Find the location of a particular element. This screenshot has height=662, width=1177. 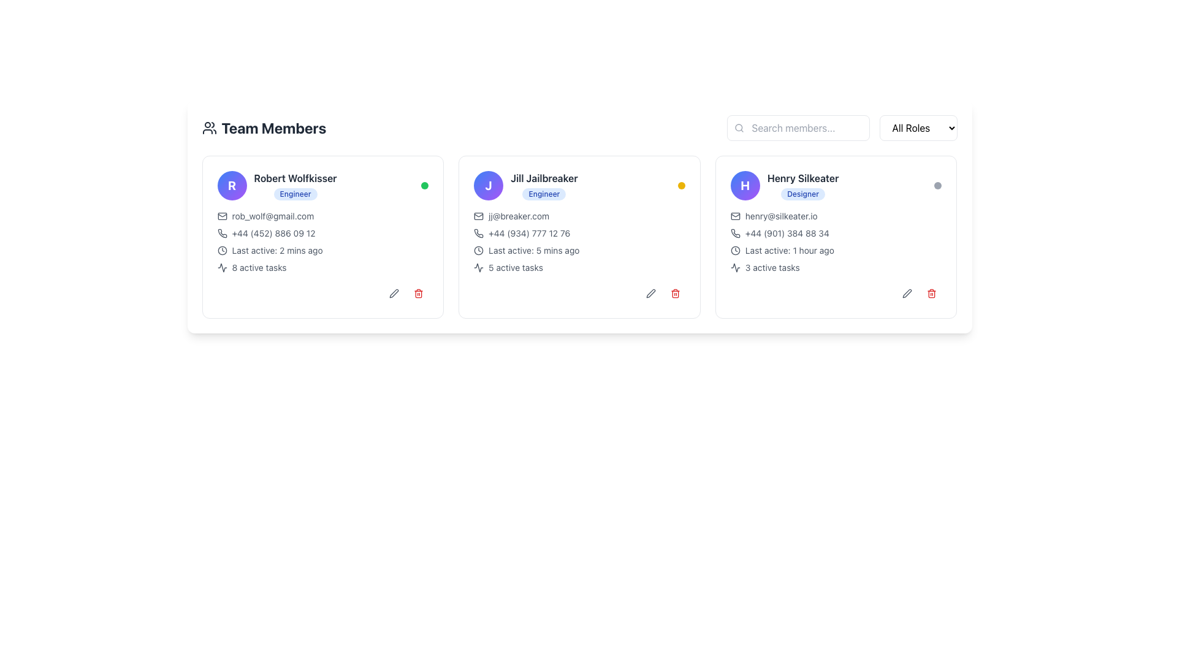

the text label displaying '5 active tasks' located at the bottom of the card layout for 'Jill Jailbreaker' is located at coordinates (516, 267).